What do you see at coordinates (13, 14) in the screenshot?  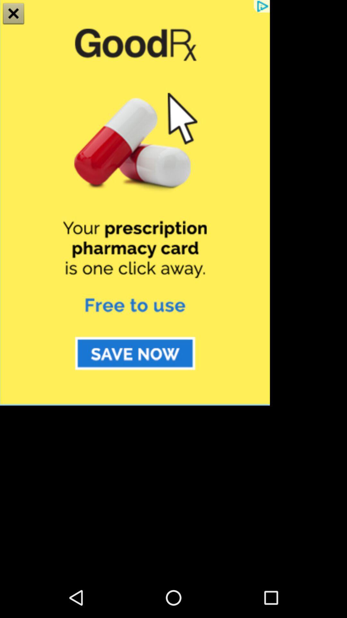 I see `the close icon` at bounding box center [13, 14].